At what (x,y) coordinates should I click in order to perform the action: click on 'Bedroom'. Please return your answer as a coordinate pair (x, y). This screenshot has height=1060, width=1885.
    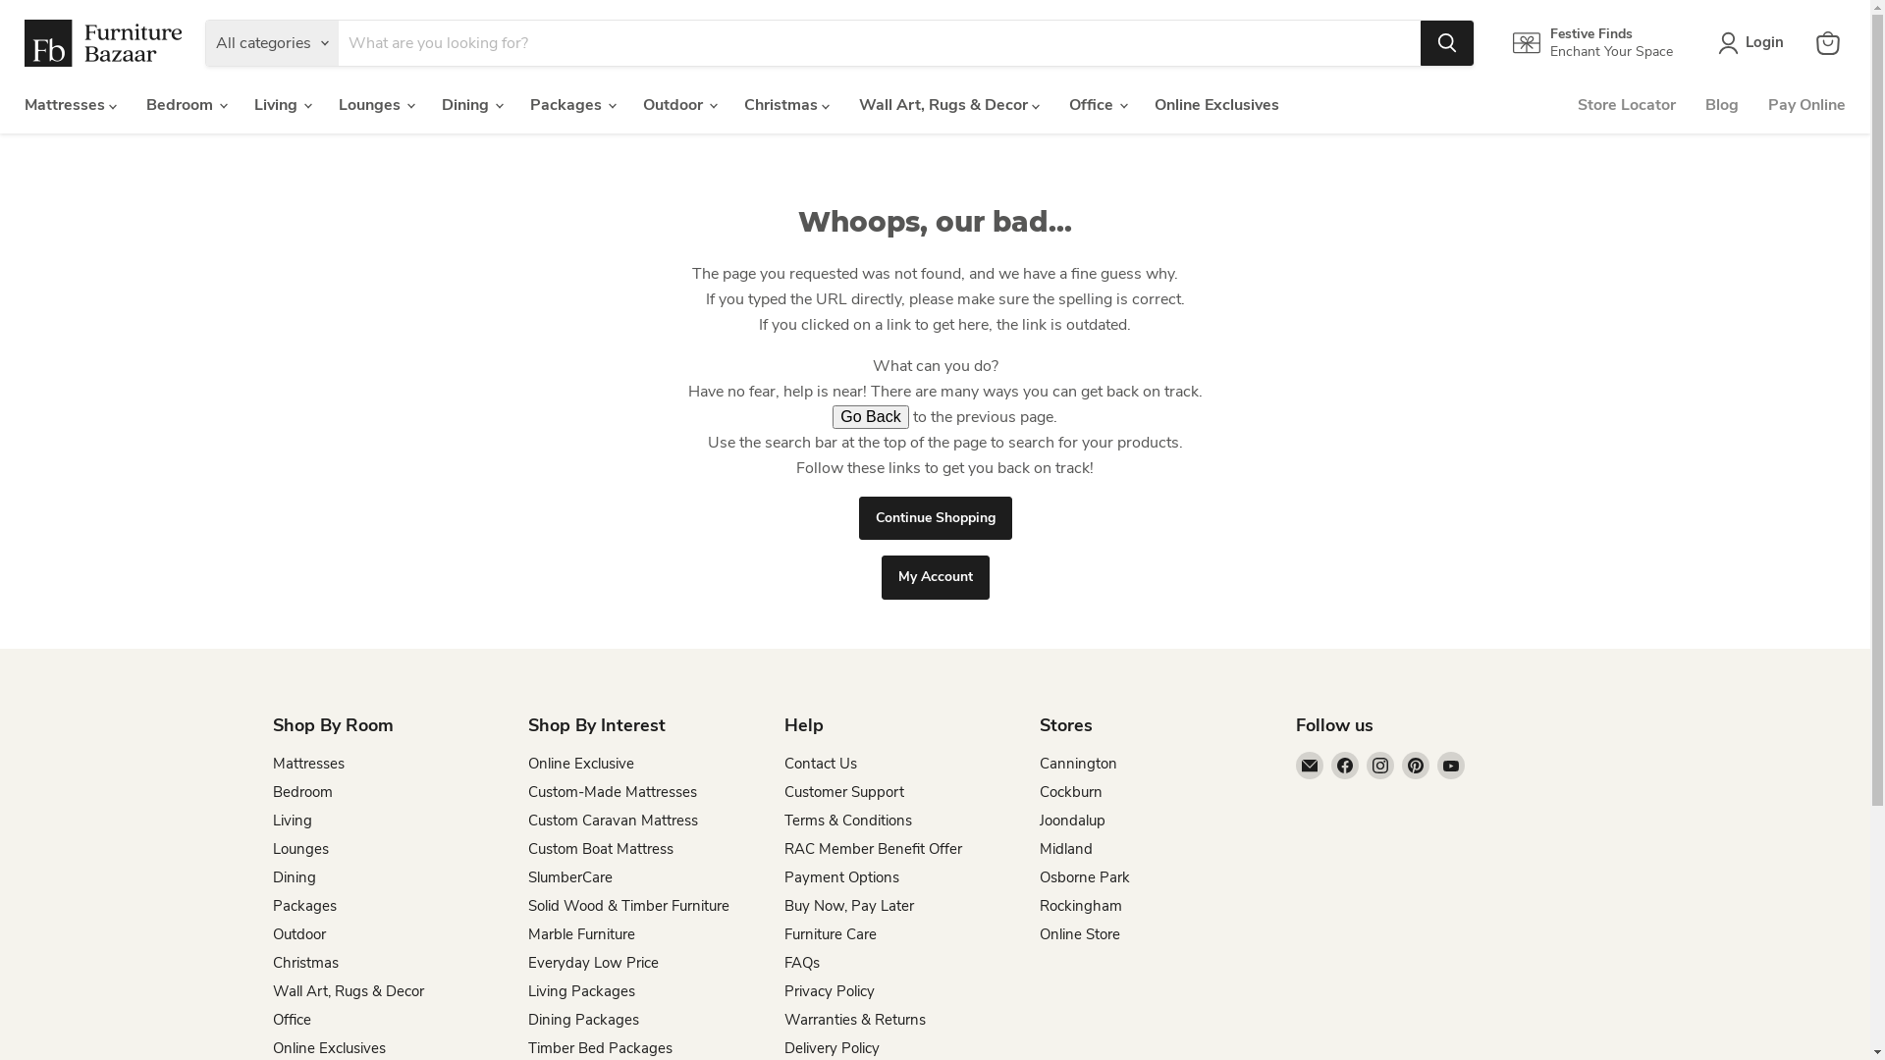
    Looking at the image, I should click on (301, 790).